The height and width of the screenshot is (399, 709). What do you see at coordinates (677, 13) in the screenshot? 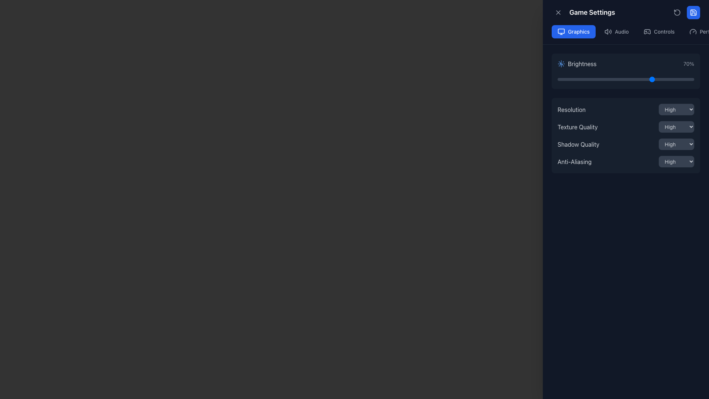
I see `the reset icon button located in the top-right section of the Game Settings panel` at bounding box center [677, 13].